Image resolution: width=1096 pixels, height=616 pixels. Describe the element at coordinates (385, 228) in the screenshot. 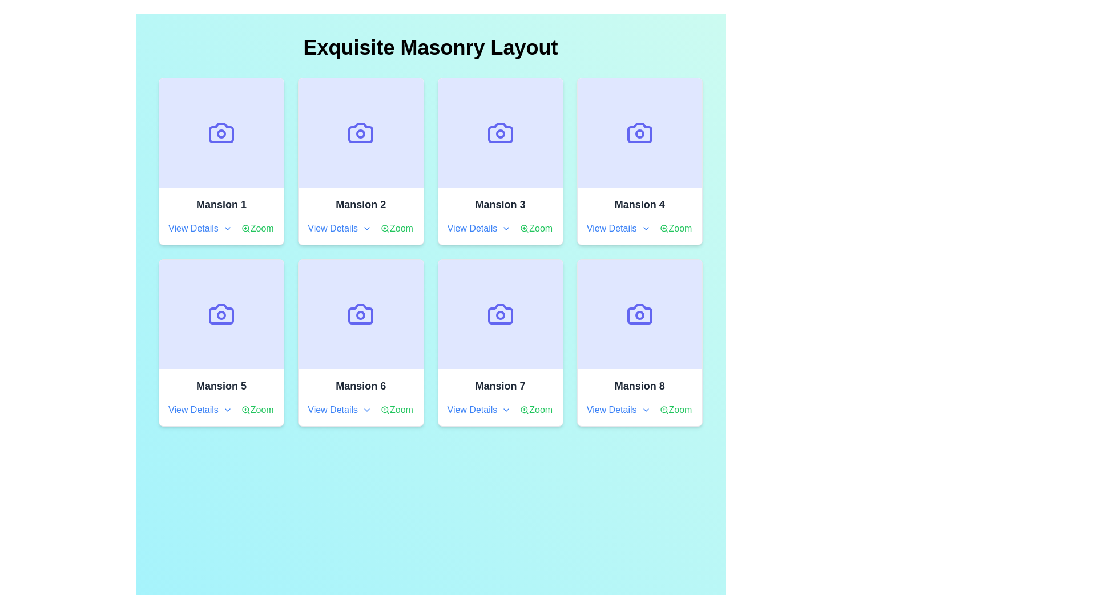

I see `the circular component of the magnifying glass icon located in the lower right part of the 'Mansion 2' tile` at that location.